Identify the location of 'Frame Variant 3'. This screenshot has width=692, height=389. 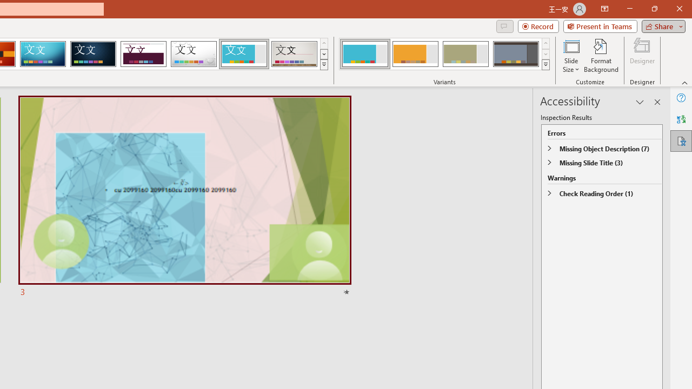
(465, 54).